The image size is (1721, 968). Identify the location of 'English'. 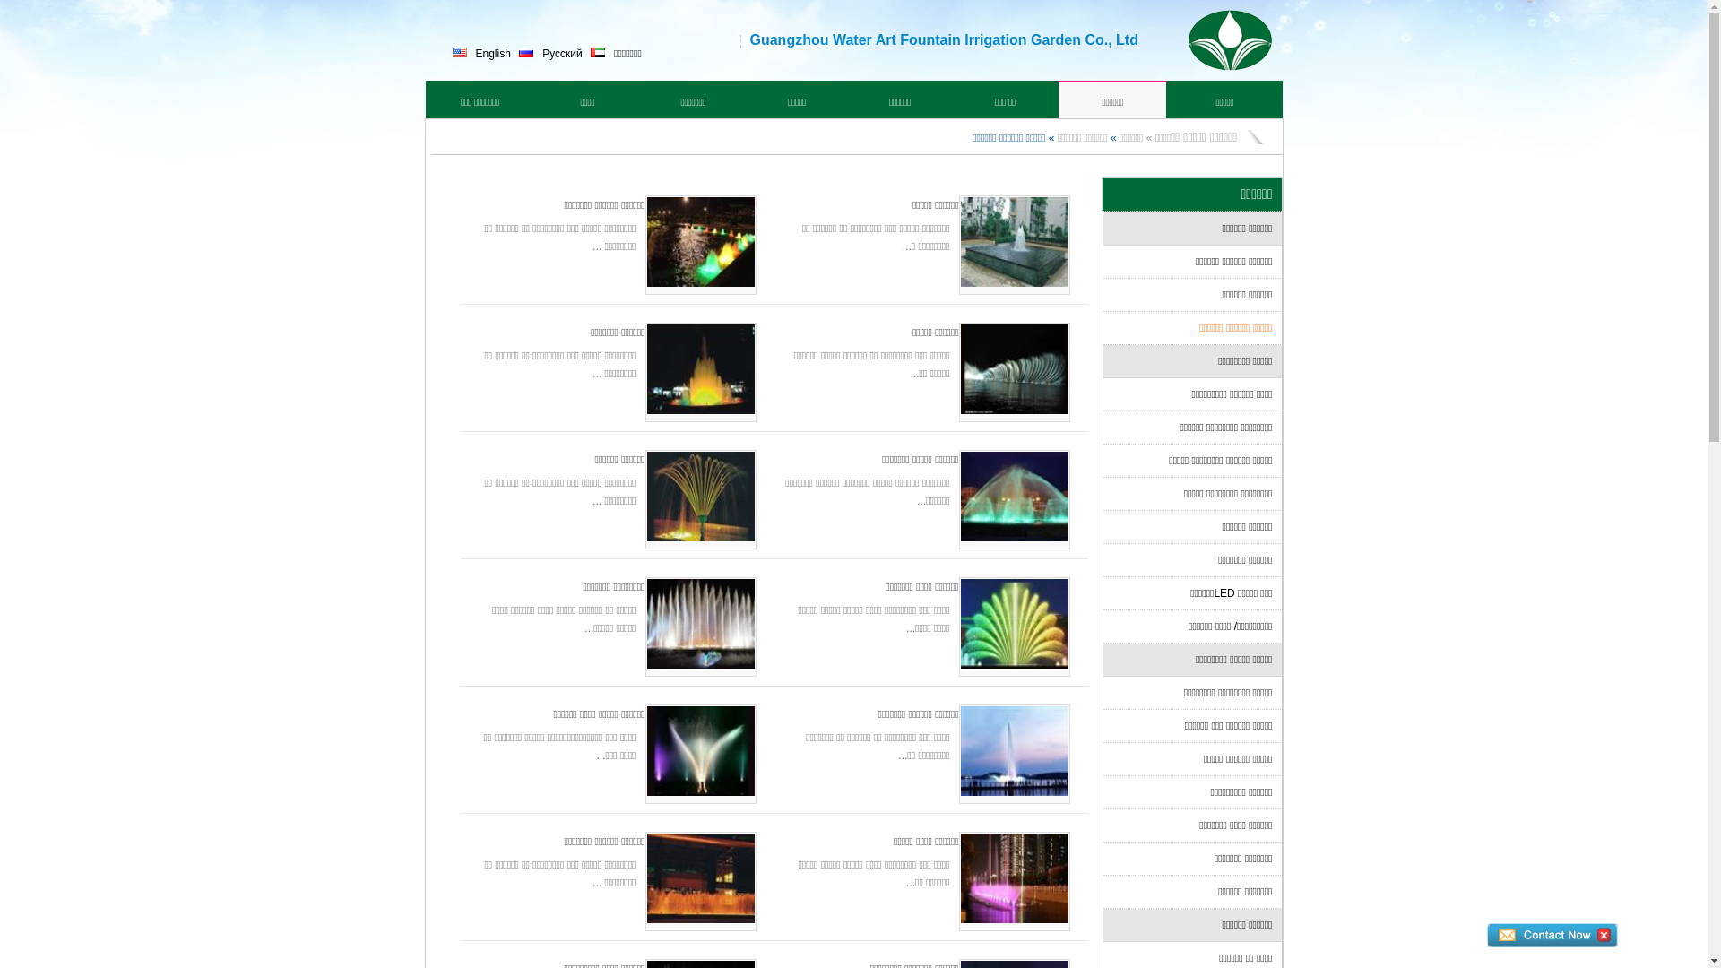
(492, 53).